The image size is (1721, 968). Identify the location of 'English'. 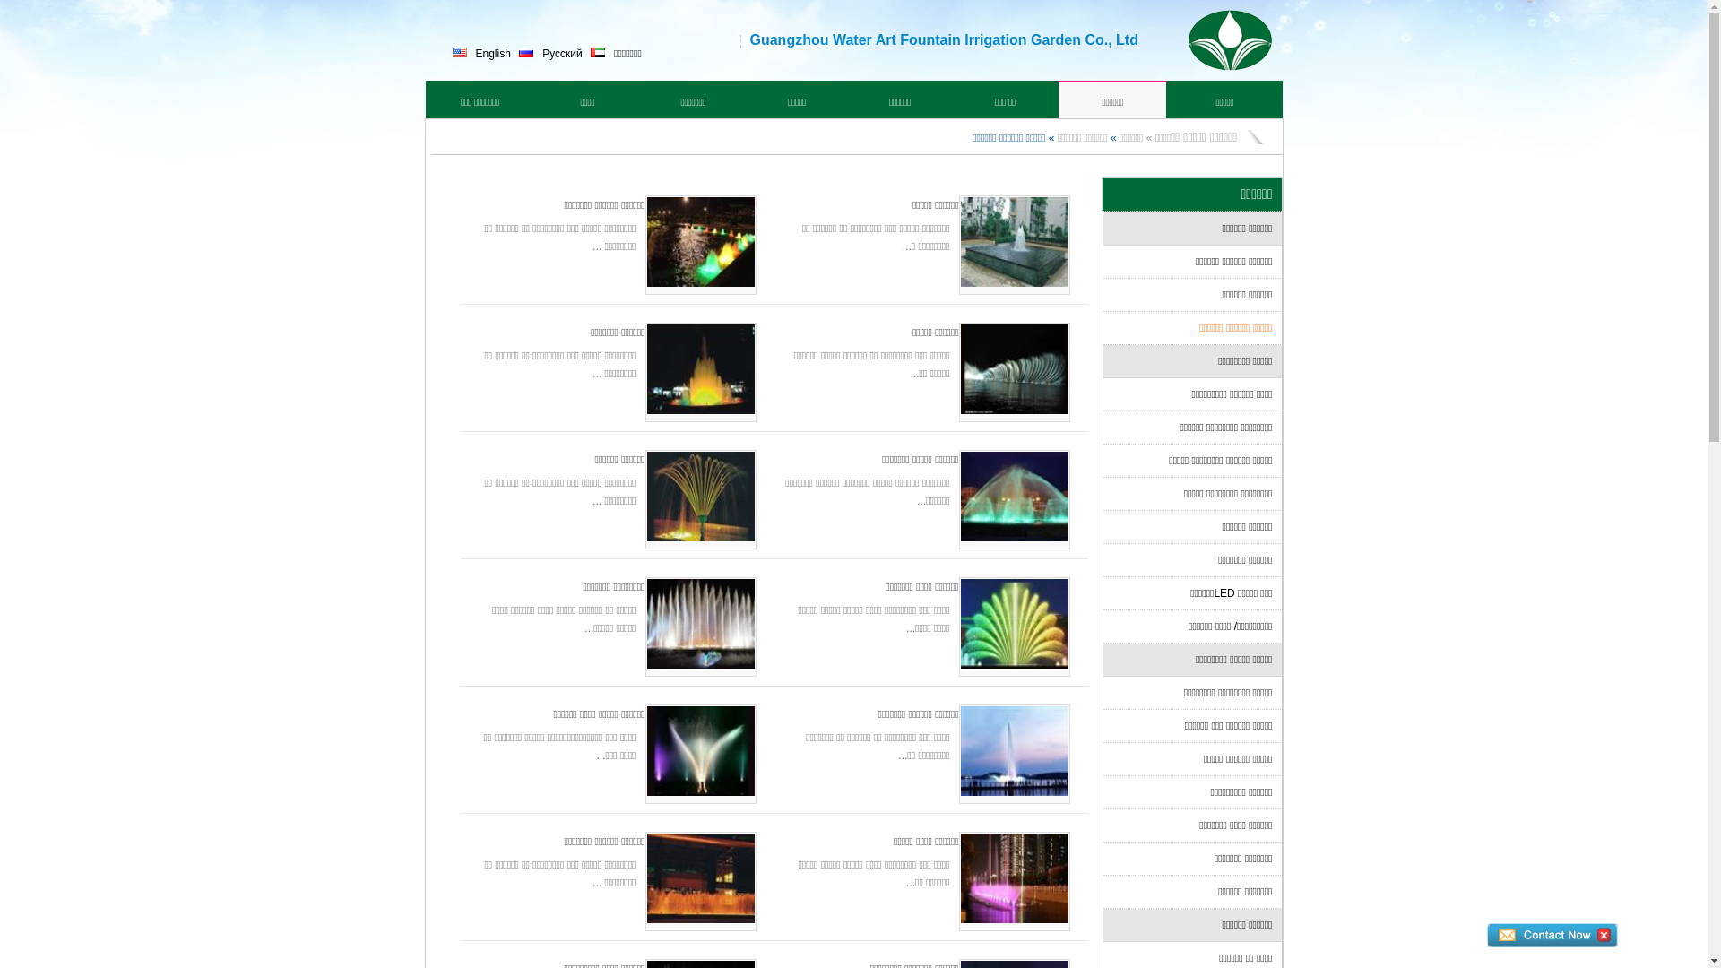
(492, 53).